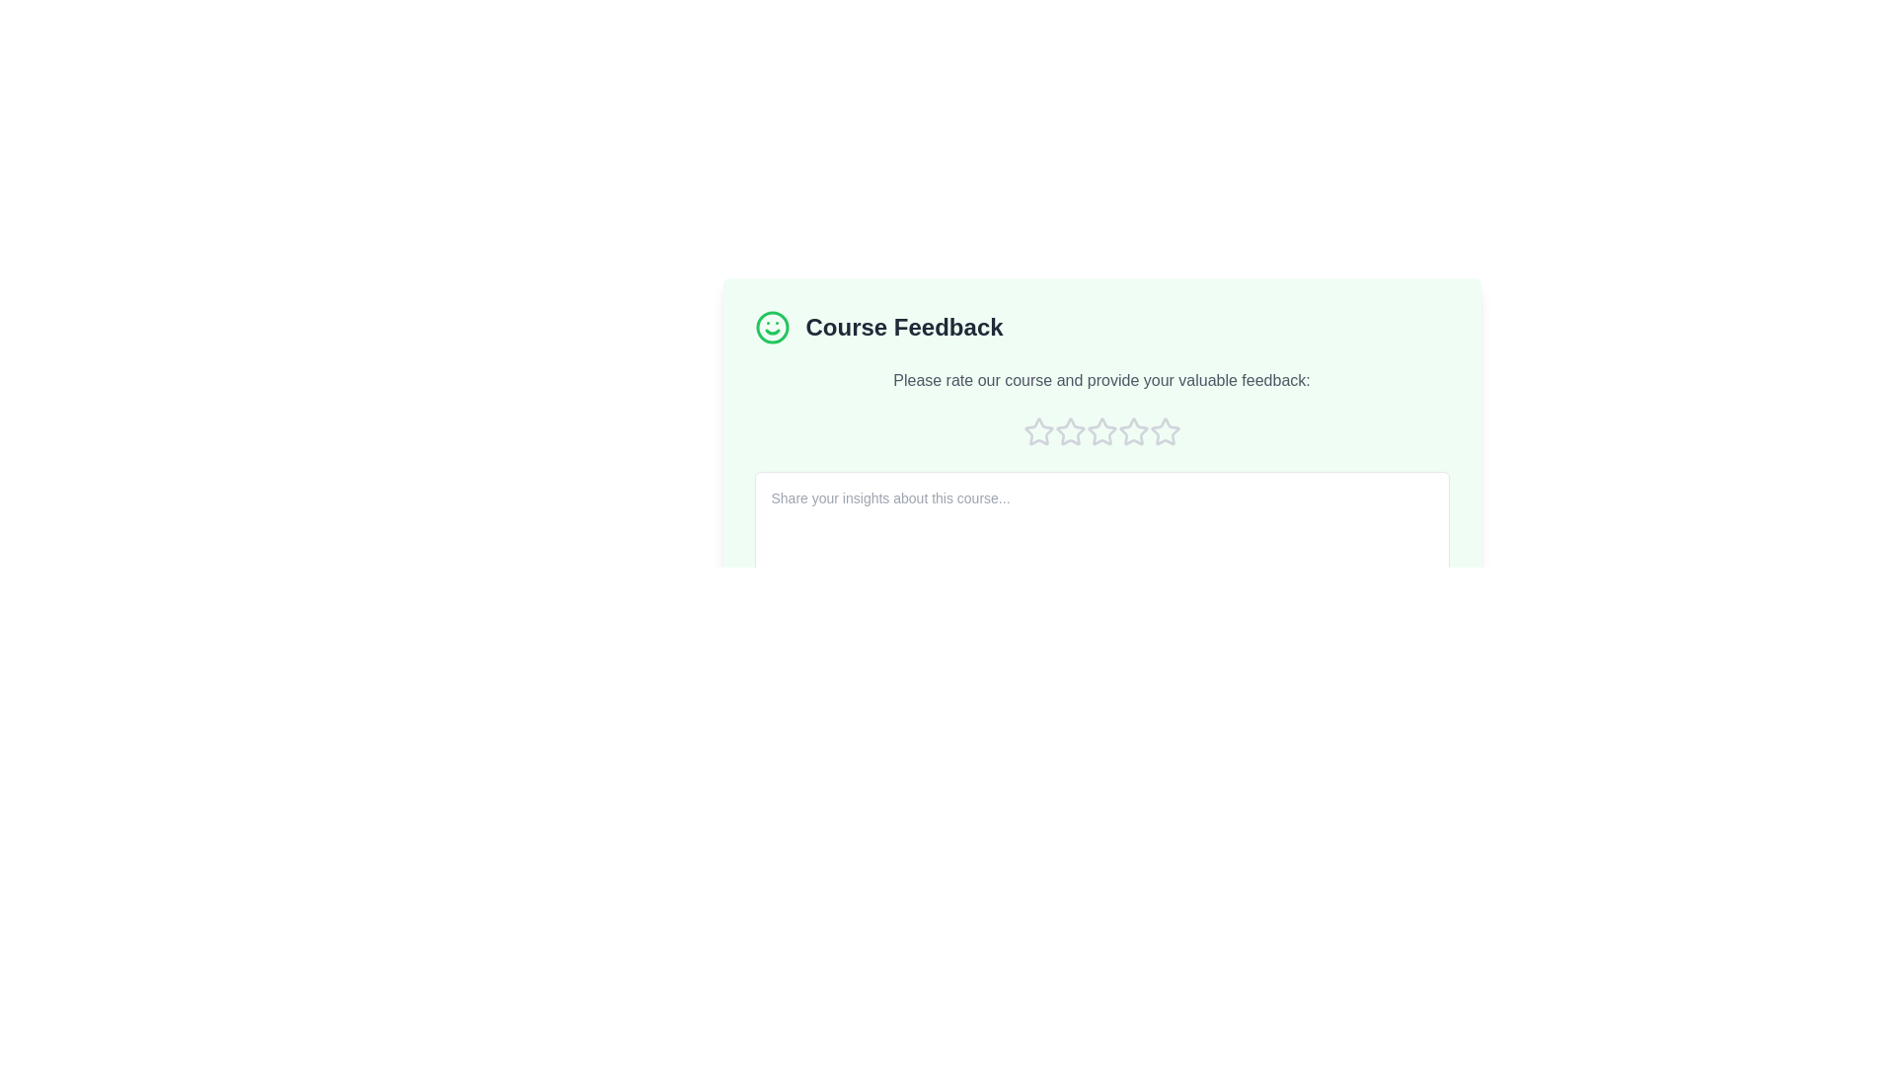 The image size is (1895, 1066). What do you see at coordinates (1037, 431) in the screenshot?
I see `the first star in the rating system` at bounding box center [1037, 431].